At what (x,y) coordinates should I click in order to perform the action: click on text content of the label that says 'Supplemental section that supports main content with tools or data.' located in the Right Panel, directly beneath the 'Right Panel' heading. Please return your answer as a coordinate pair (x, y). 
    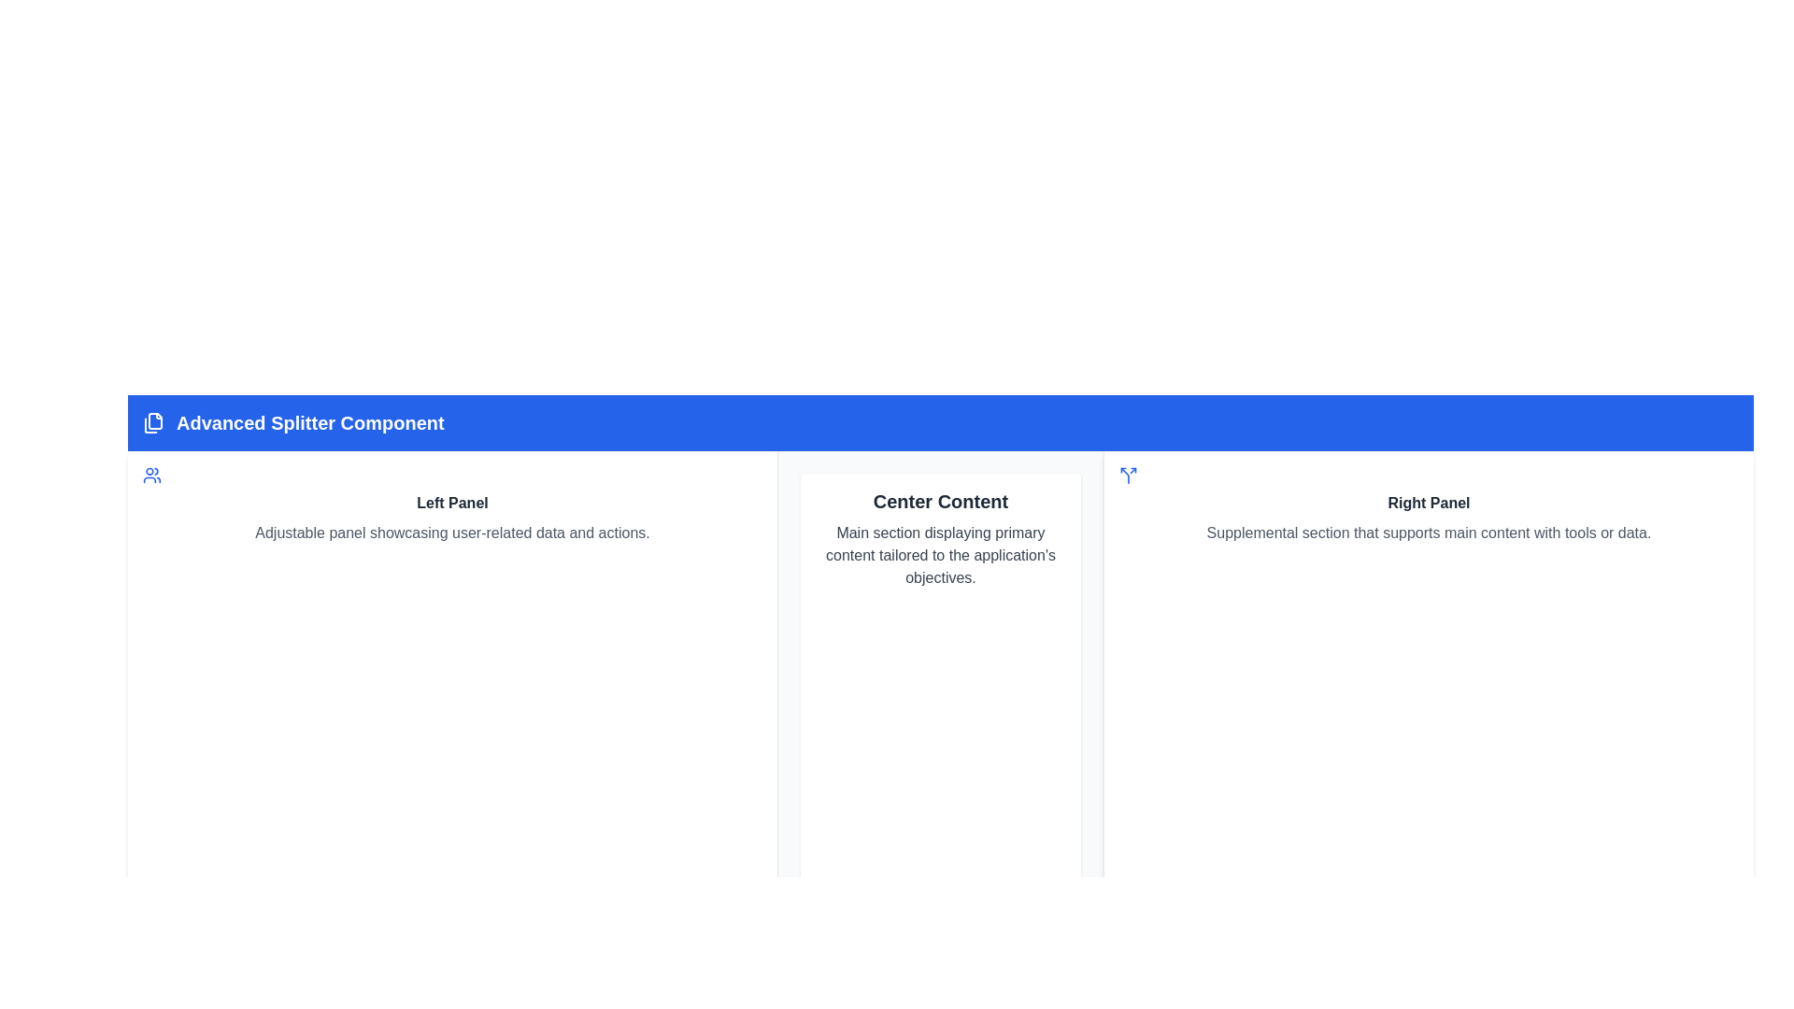
    Looking at the image, I should click on (1428, 533).